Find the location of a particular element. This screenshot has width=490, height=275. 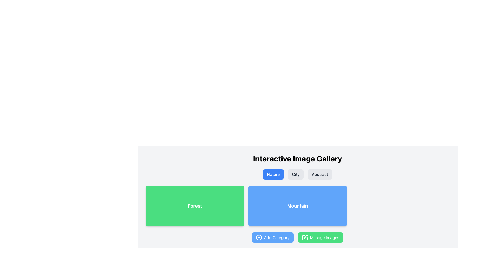

the 'Forest' text label, which is styled with a bold, white sans-serif font and located centrally within a green rectangular area is located at coordinates (194, 206).